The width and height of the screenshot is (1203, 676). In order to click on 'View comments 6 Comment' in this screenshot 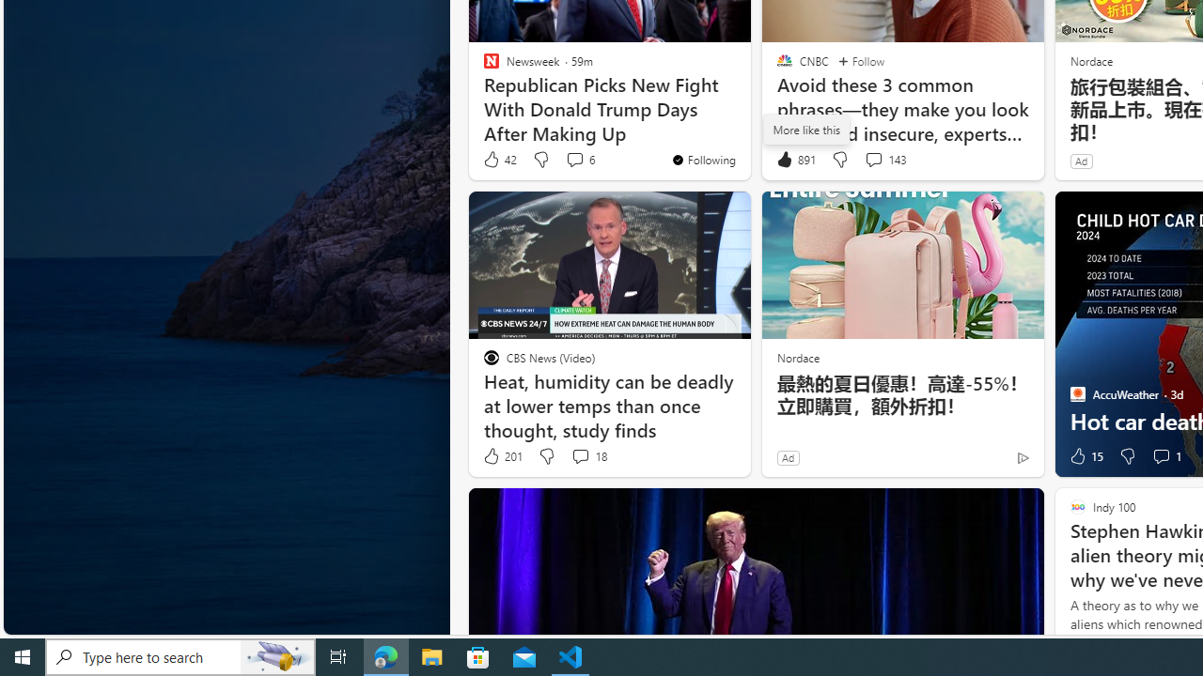, I will do `click(573, 158)`.